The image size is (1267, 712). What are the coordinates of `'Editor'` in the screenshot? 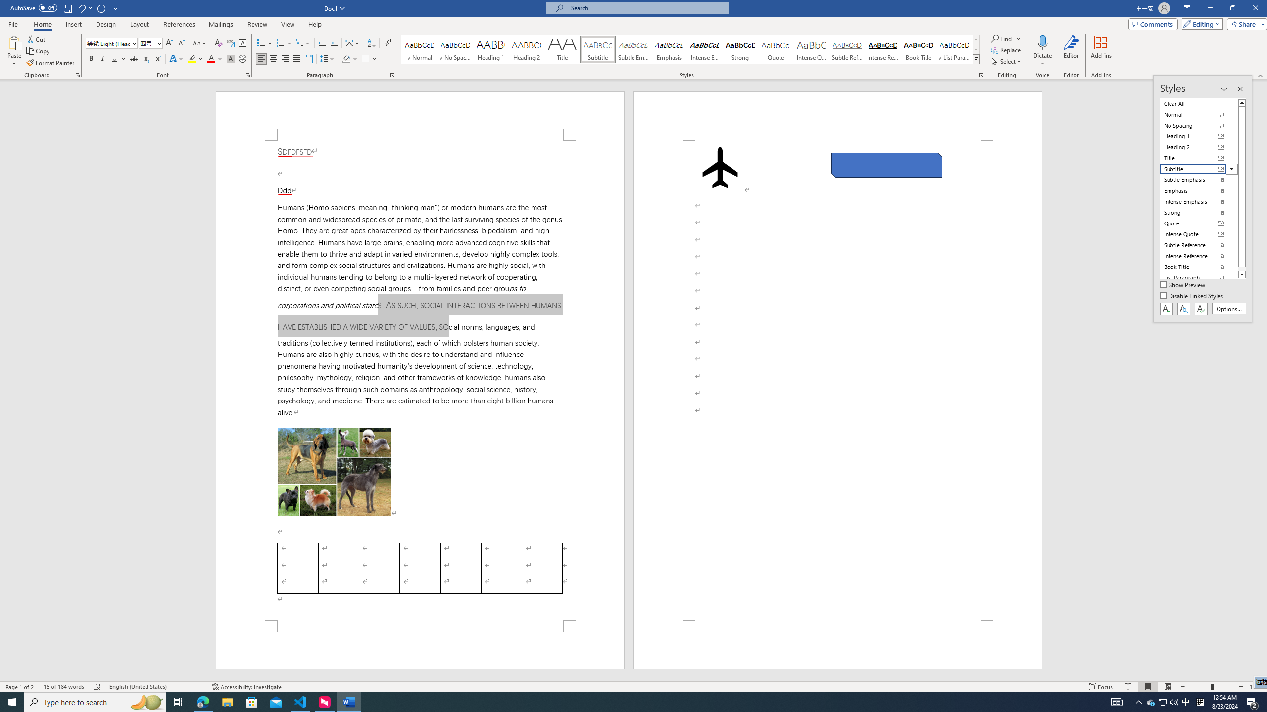 It's located at (1071, 51).